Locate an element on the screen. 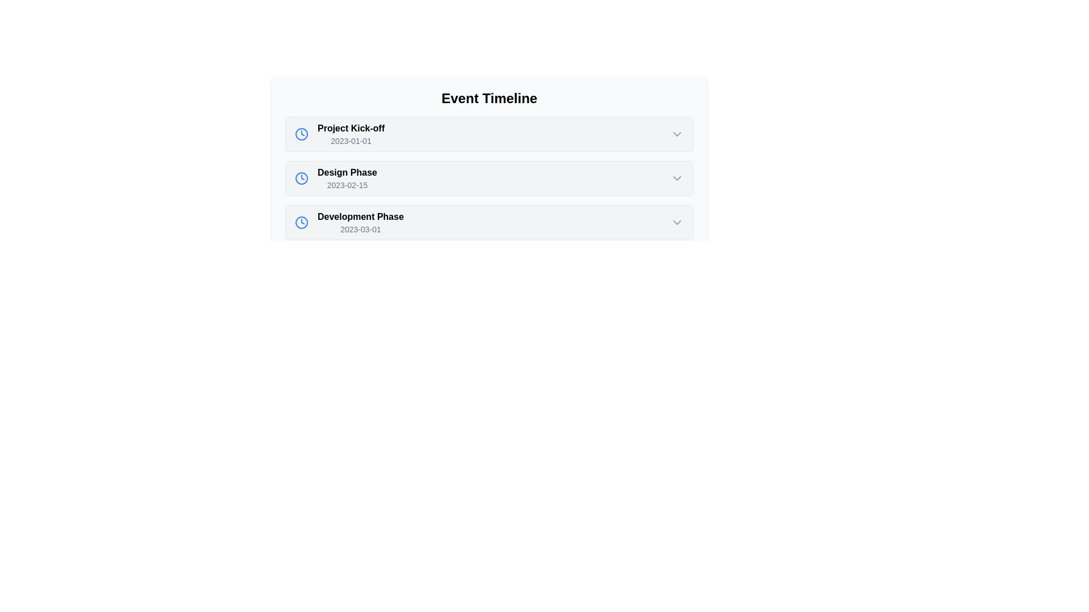 This screenshot has width=1089, height=612. the clock icon at the start of the first row in the 'Event Timeline' list, which visually represents the temporal context for the 'Project Kick-off' event is located at coordinates (302, 133).